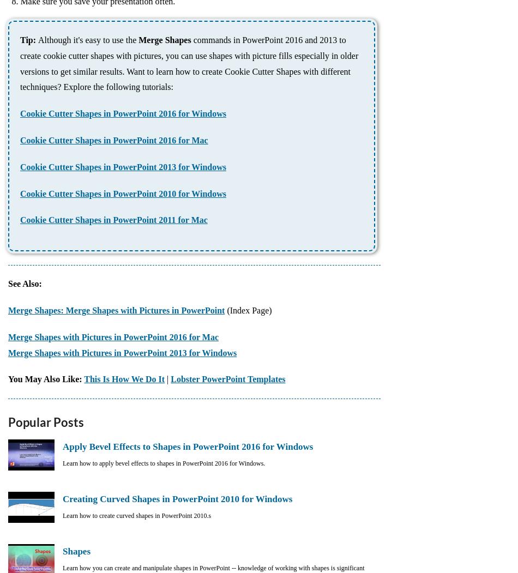  What do you see at coordinates (138, 39) in the screenshot?
I see `'Merge Shapes'` at bounding box center [138, 39].